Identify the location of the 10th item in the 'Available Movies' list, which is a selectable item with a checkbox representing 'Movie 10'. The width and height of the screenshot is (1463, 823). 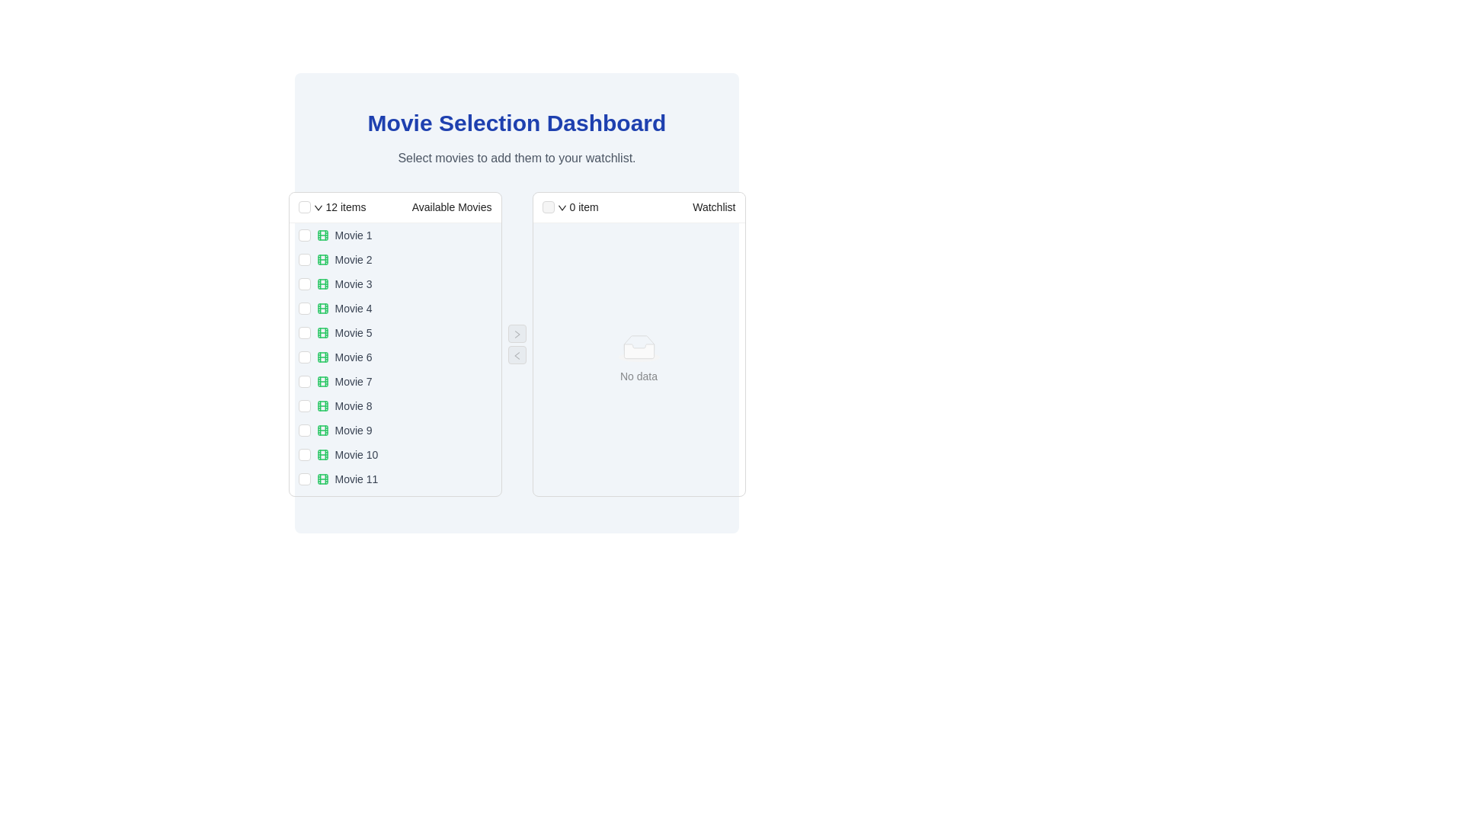
(395, 454).